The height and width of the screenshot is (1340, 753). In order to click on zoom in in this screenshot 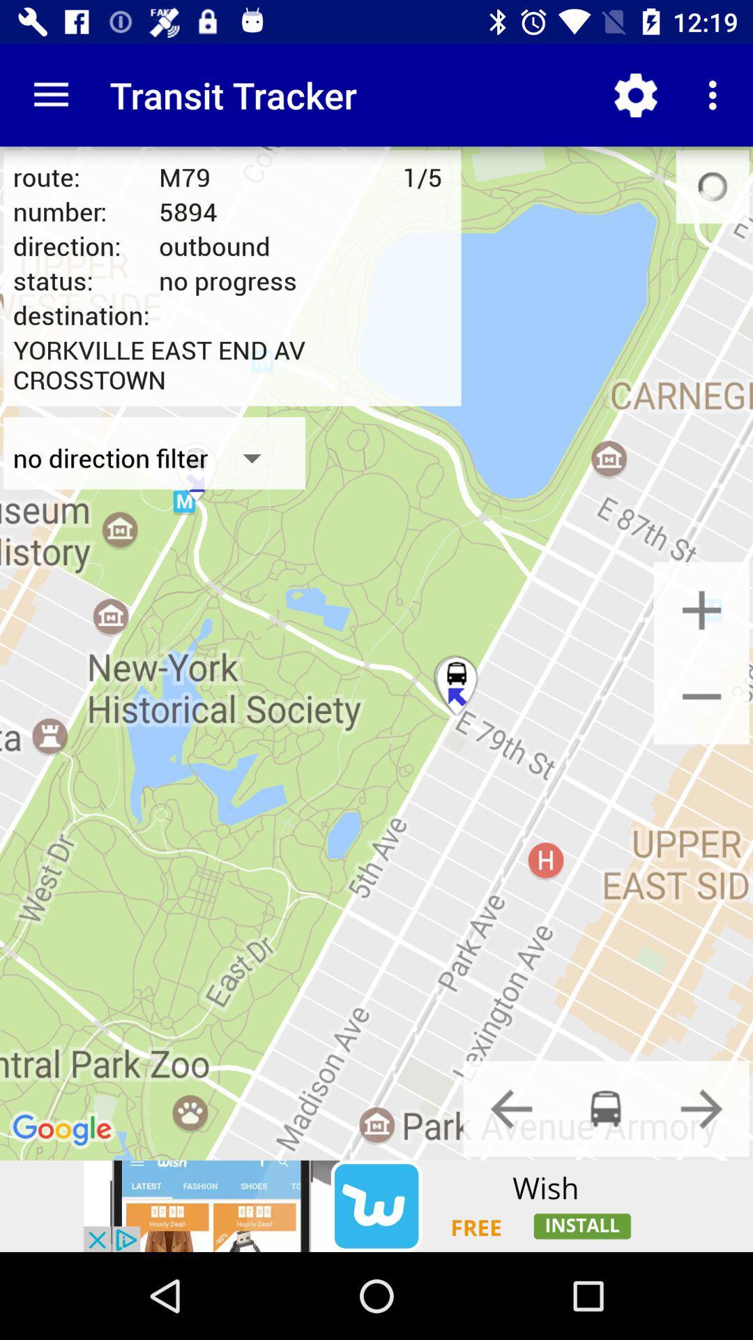, I will do `click(701, 610)`.